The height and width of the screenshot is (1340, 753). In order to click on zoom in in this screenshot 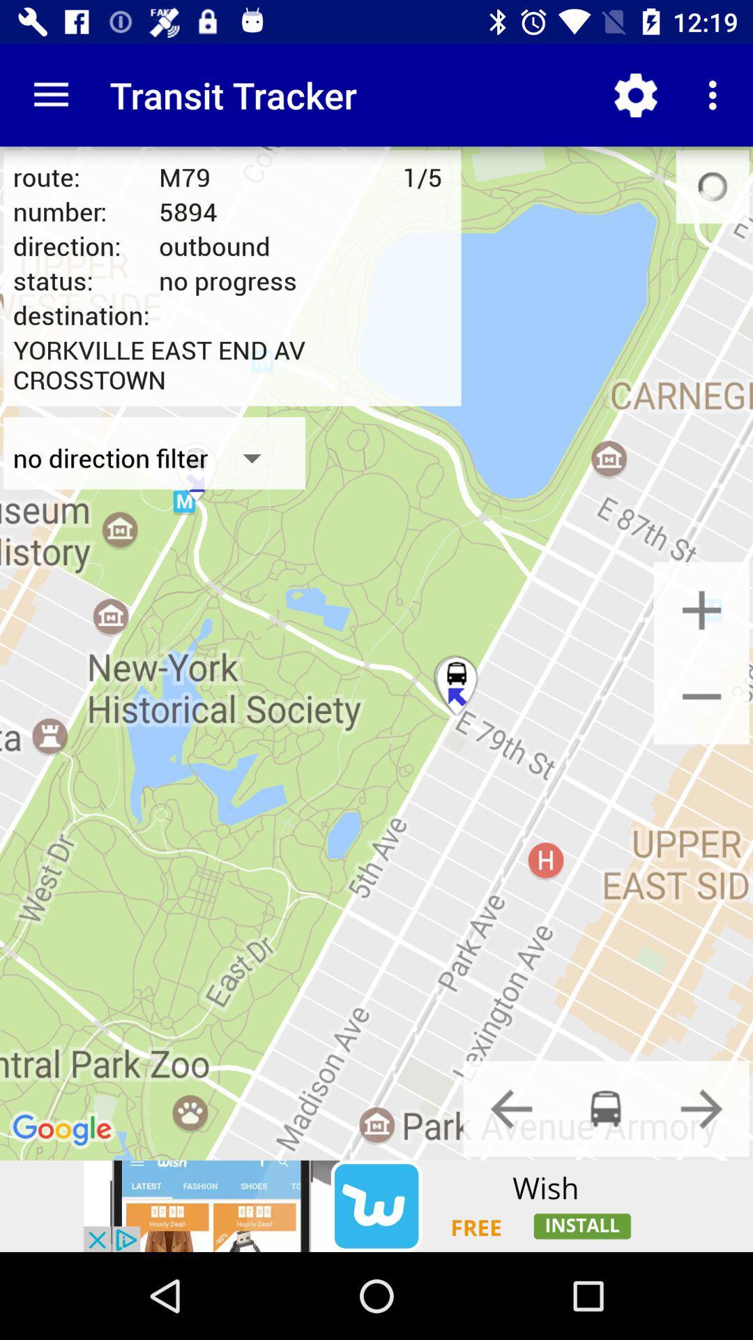, I will do `click(701, 610)`.